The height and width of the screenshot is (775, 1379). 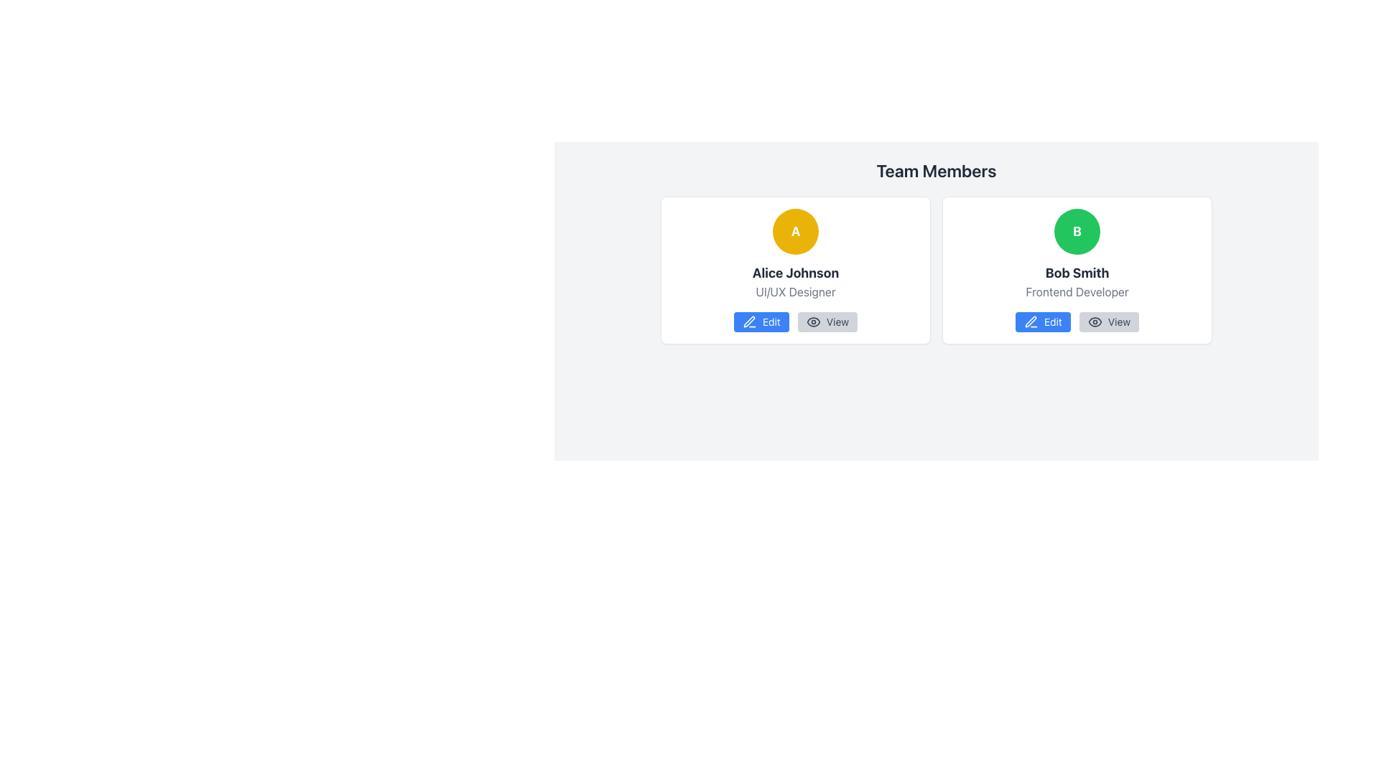 What do you see at coordinates (1108, 321) in the screenshot?
I see `the 'View' button located at the bottom-right corner of Bob Smith's details card` at bounding box center [1108, 321].